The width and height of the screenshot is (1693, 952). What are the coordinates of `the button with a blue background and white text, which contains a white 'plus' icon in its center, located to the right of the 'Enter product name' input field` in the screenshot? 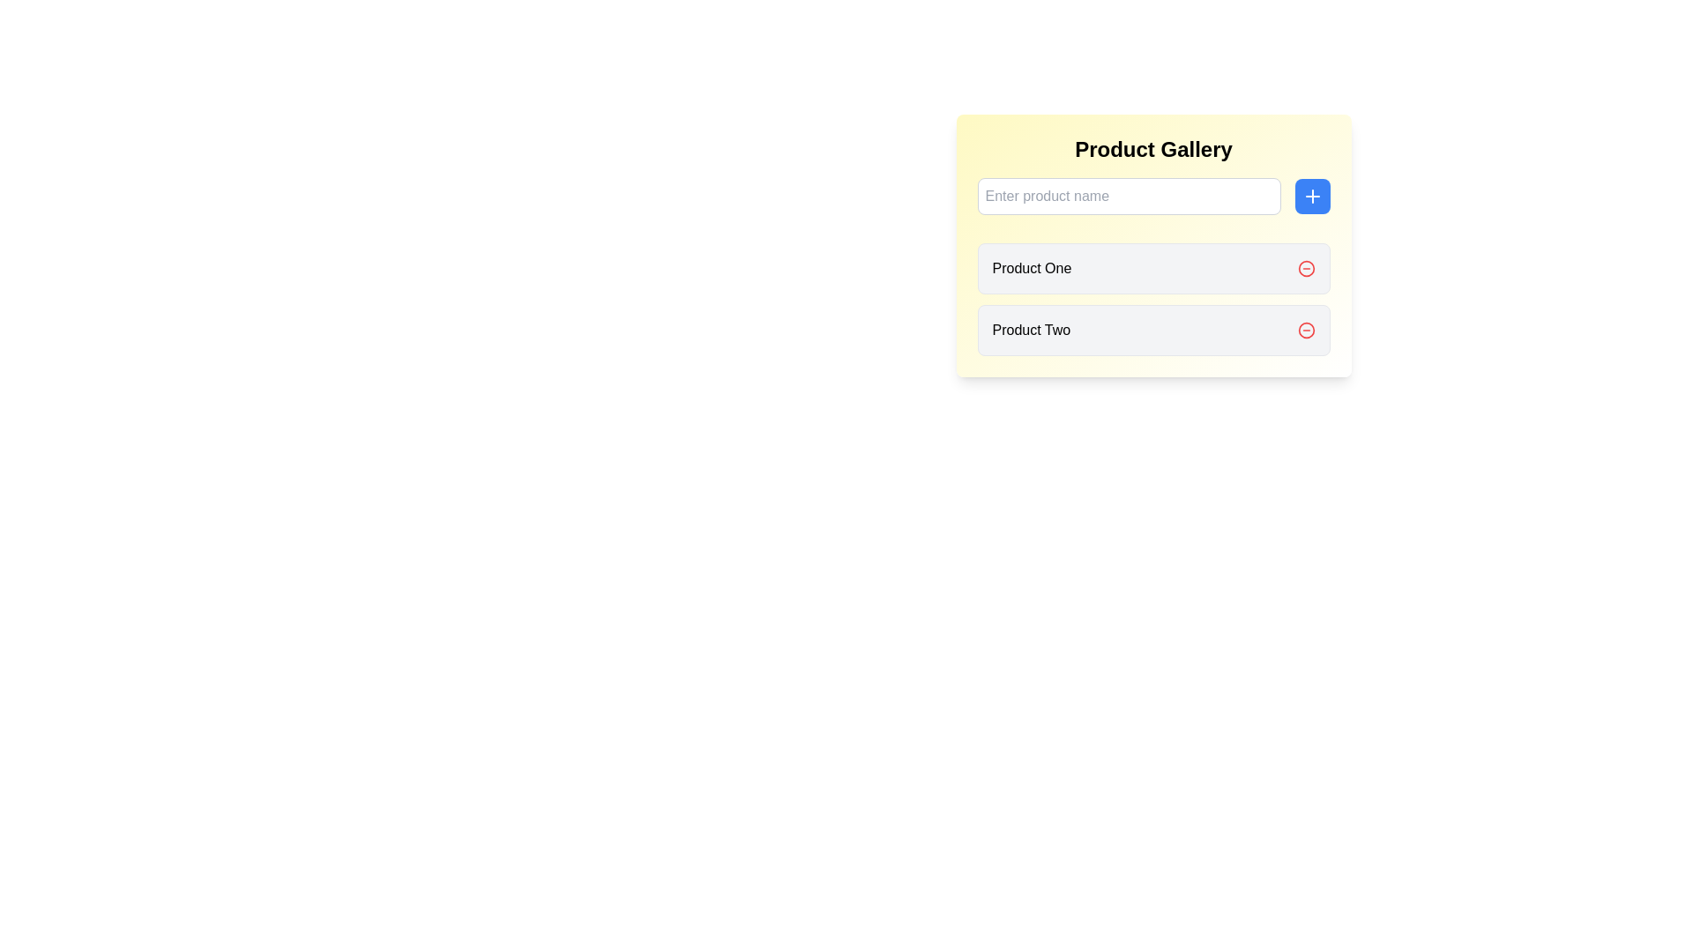 It's located at (1312, 197).